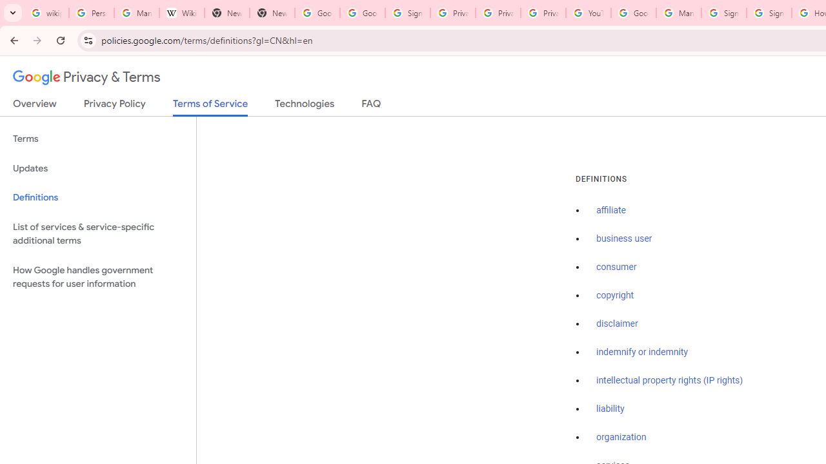 Image resolution: width=826 pixels, height=464 pixels. What do you see at coordinates (361, 13) in the screenshot?
I see `'Google Drive: Sign-in'` at bounding box center [361, 13].